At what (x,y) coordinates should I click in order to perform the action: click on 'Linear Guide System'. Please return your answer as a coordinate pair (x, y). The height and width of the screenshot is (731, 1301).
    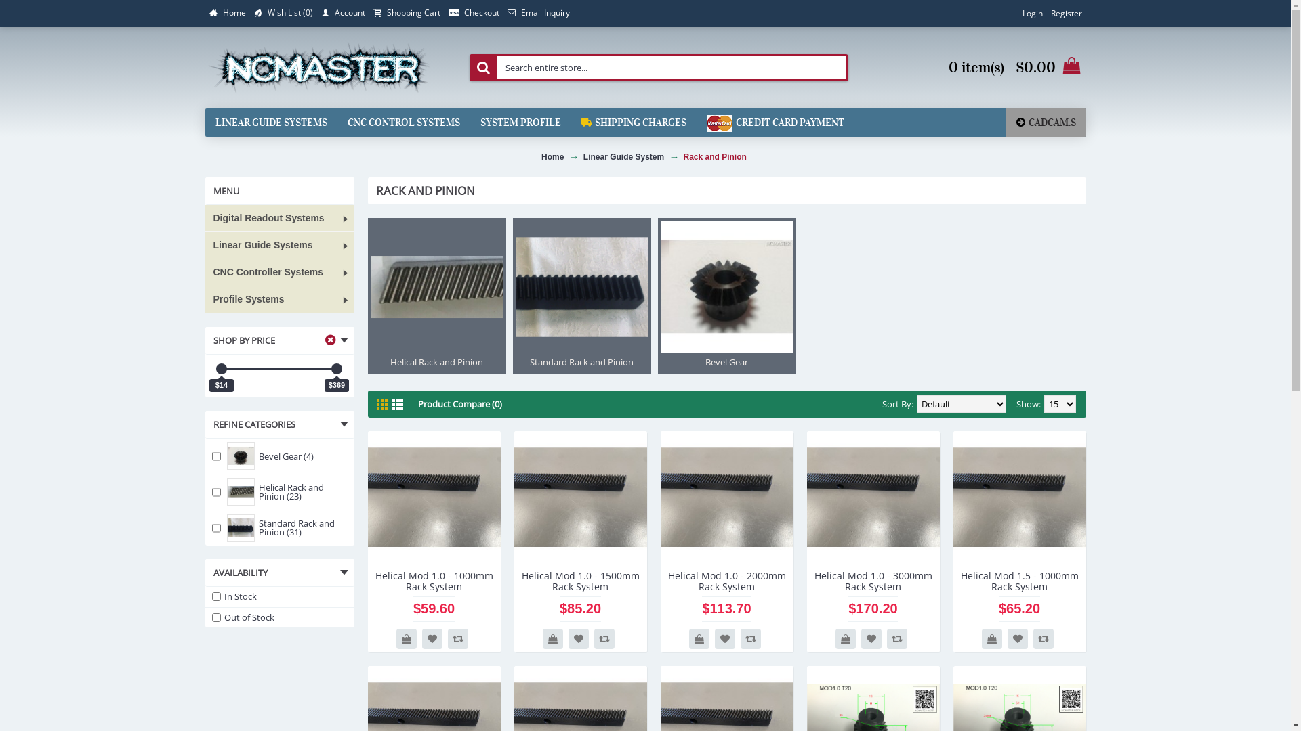
    Looking at the image, I should click on (623, 156).